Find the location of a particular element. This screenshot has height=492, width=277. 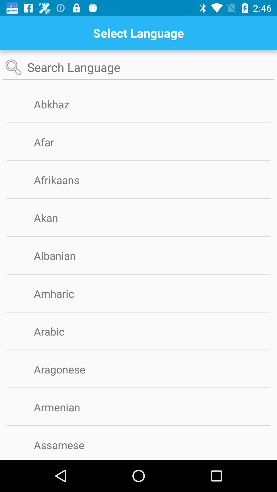

search through language list is located at coordinates (138, 67).